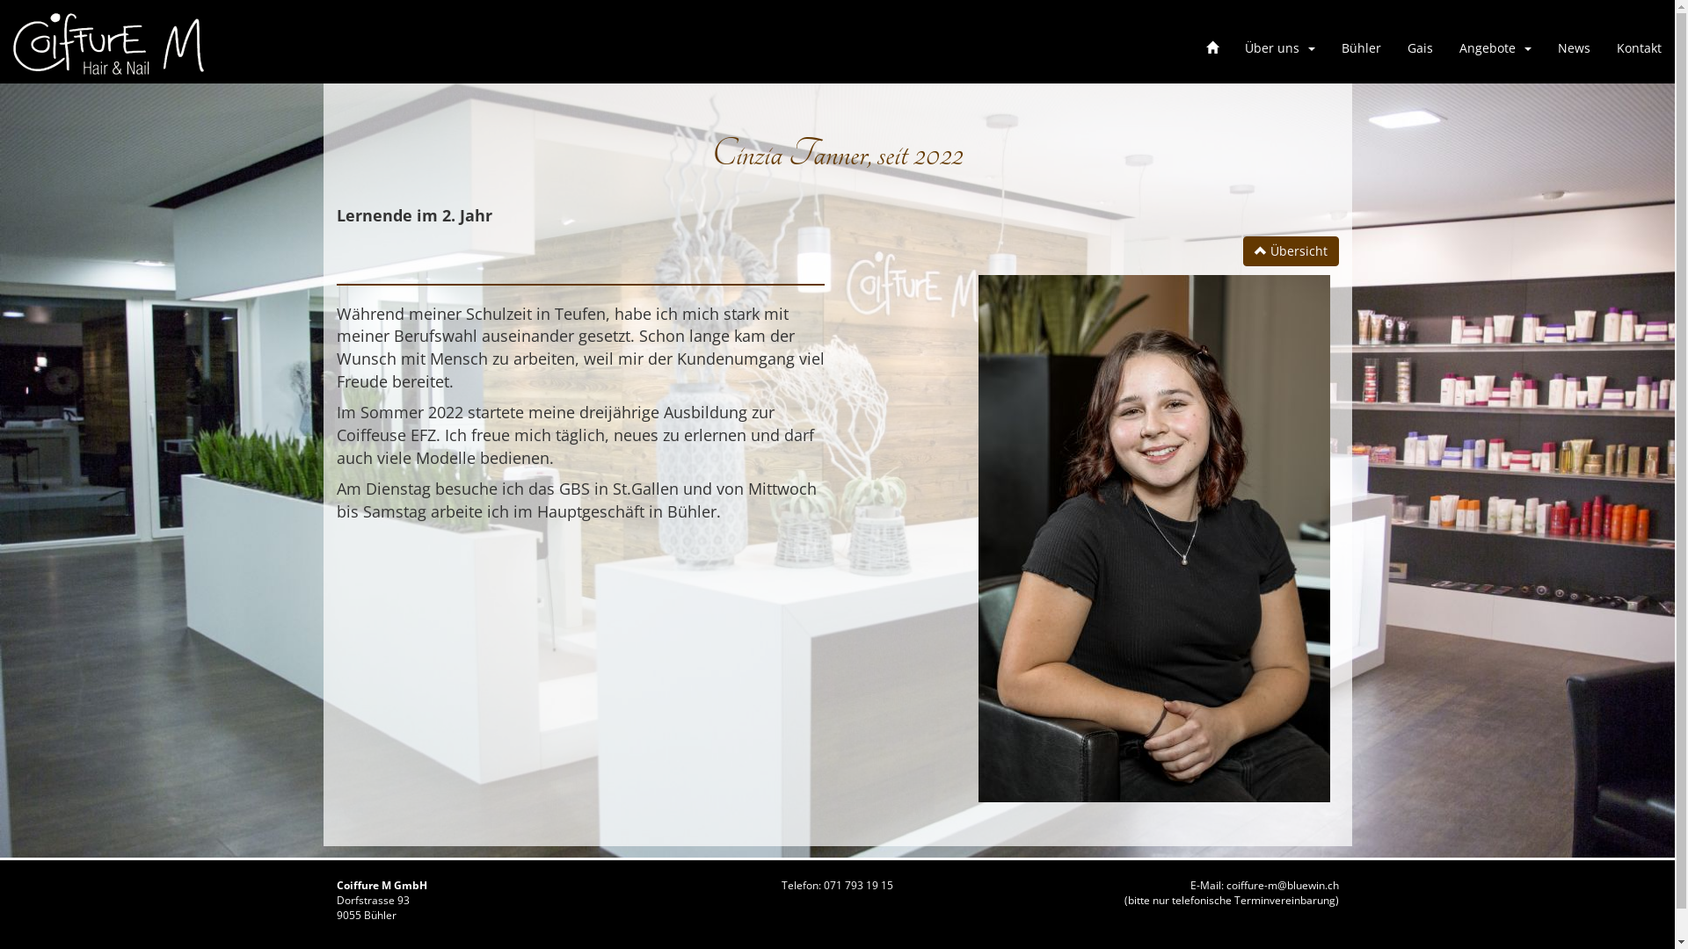 This screenshot has height=949, width=1688. What do you see at coordinates (1420, 47) in the screenshot?
I see `'Gais'` at bounding box center [1420, 47].